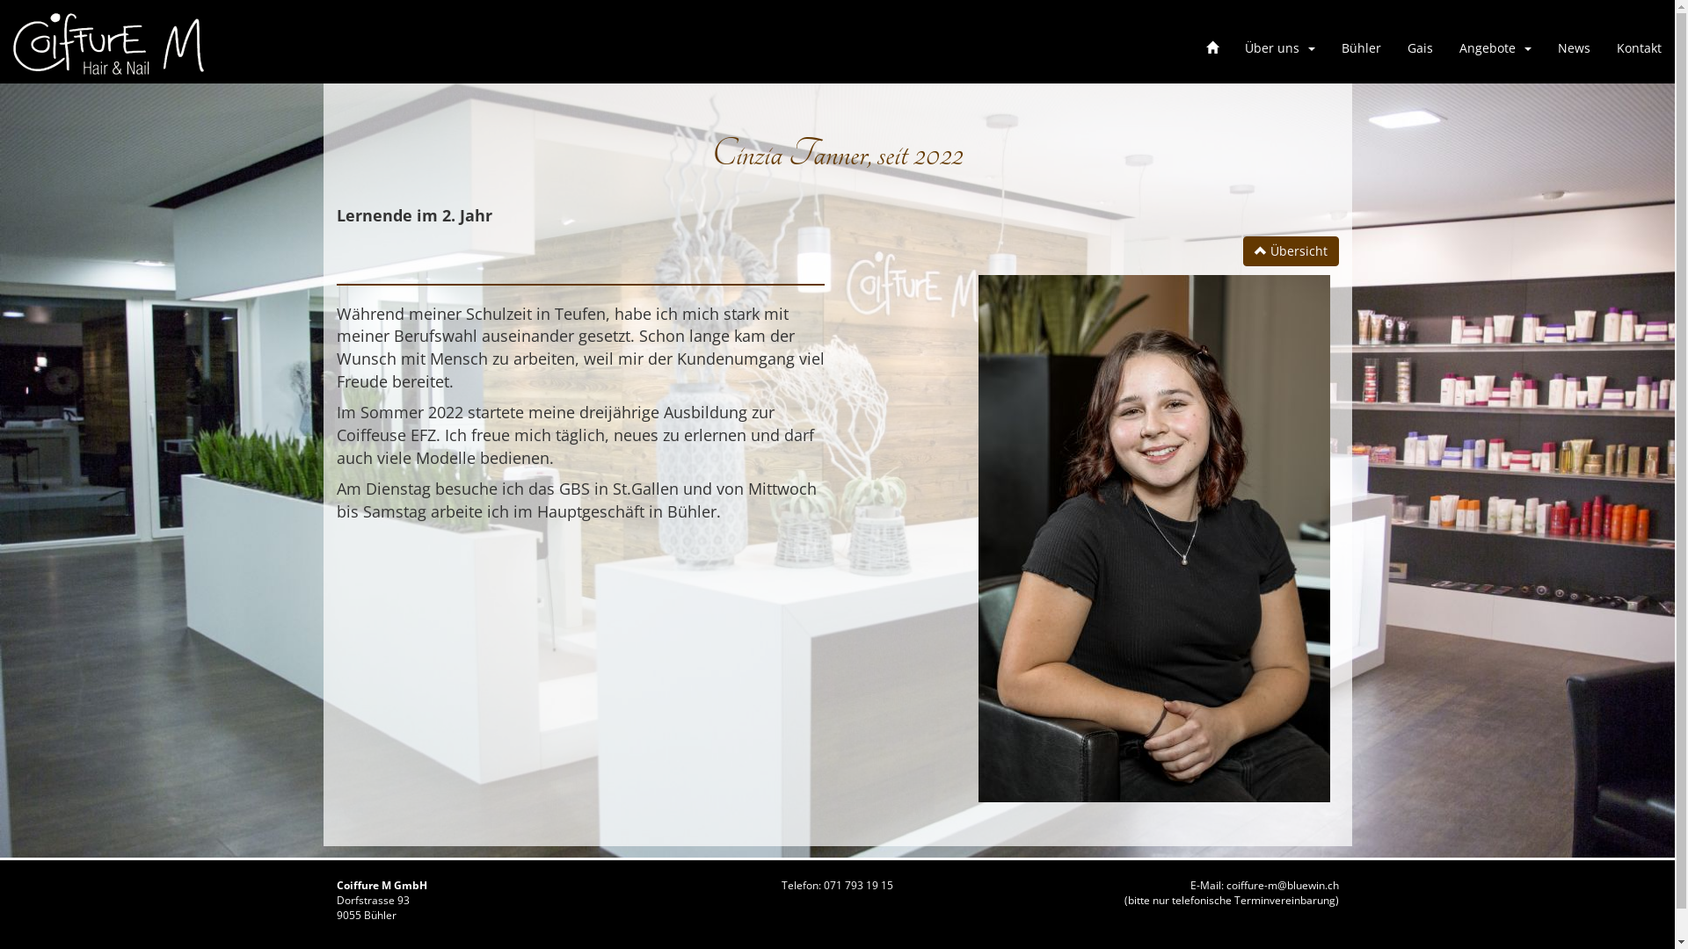 This screenshot has height=949, width=1688. What do you see at coordinates (1420, 47) in the screenshot?
I see `'Gais'` at bounding box center [1420, 47].